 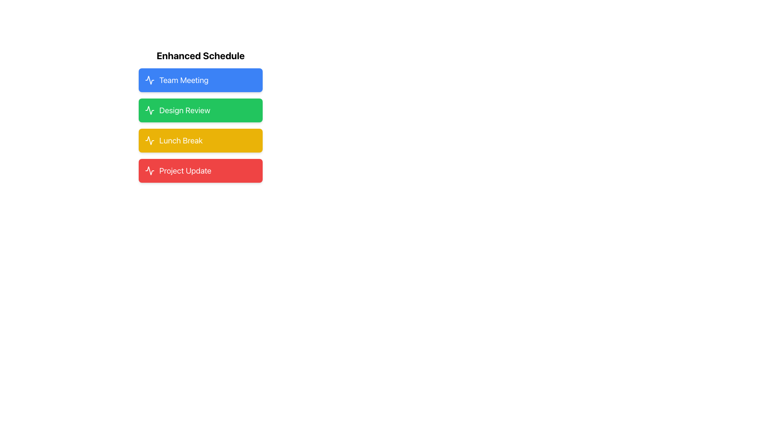 What do you see at coordinates (200, 170) in the screenshot?
I see `the 'Project Update' informative block, which has a red background and white bold text, located at the bottom of a list of similar blocks` at bounding box center [200, 170].